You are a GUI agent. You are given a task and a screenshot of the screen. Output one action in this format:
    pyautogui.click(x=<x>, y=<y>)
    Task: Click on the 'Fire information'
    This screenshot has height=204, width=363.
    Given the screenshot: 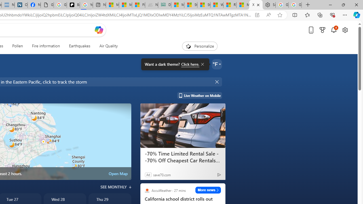 What is the action you would take?
    pyautogui.click(x=46, y=46)
    